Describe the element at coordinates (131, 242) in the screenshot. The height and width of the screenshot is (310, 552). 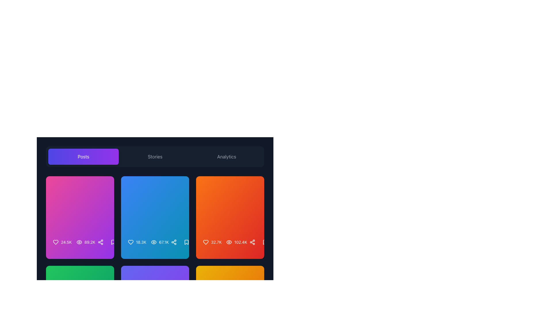
I see `the like icon located in the center column of the second row of the post card, which visually represents the number of likes (18.3K)` at that location.